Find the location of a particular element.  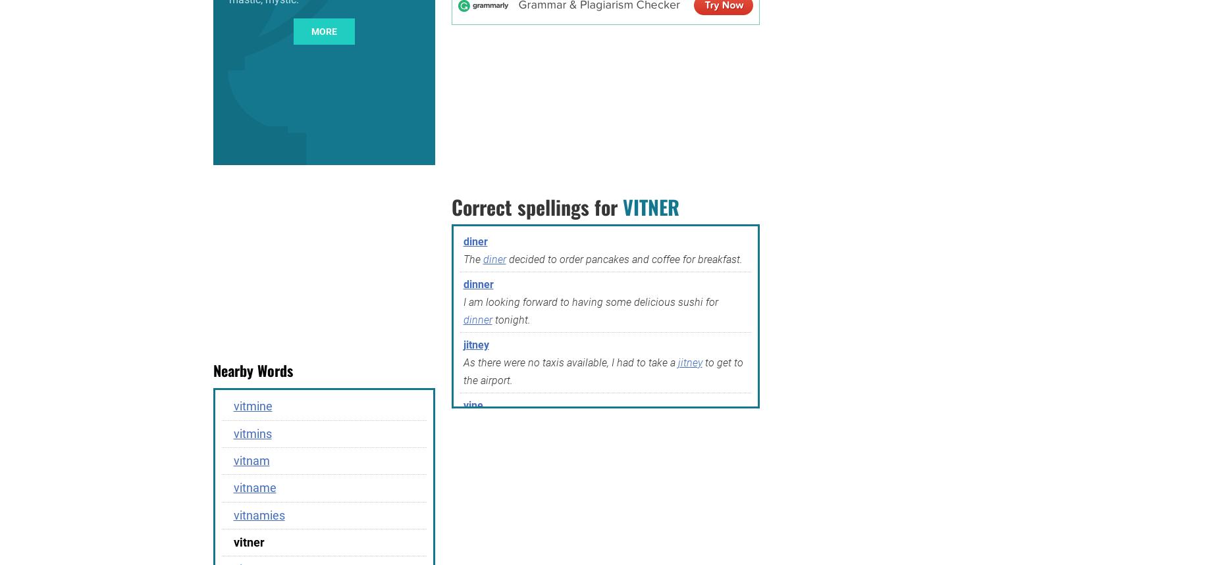

'vitname' is located at coordinates (253, 487).